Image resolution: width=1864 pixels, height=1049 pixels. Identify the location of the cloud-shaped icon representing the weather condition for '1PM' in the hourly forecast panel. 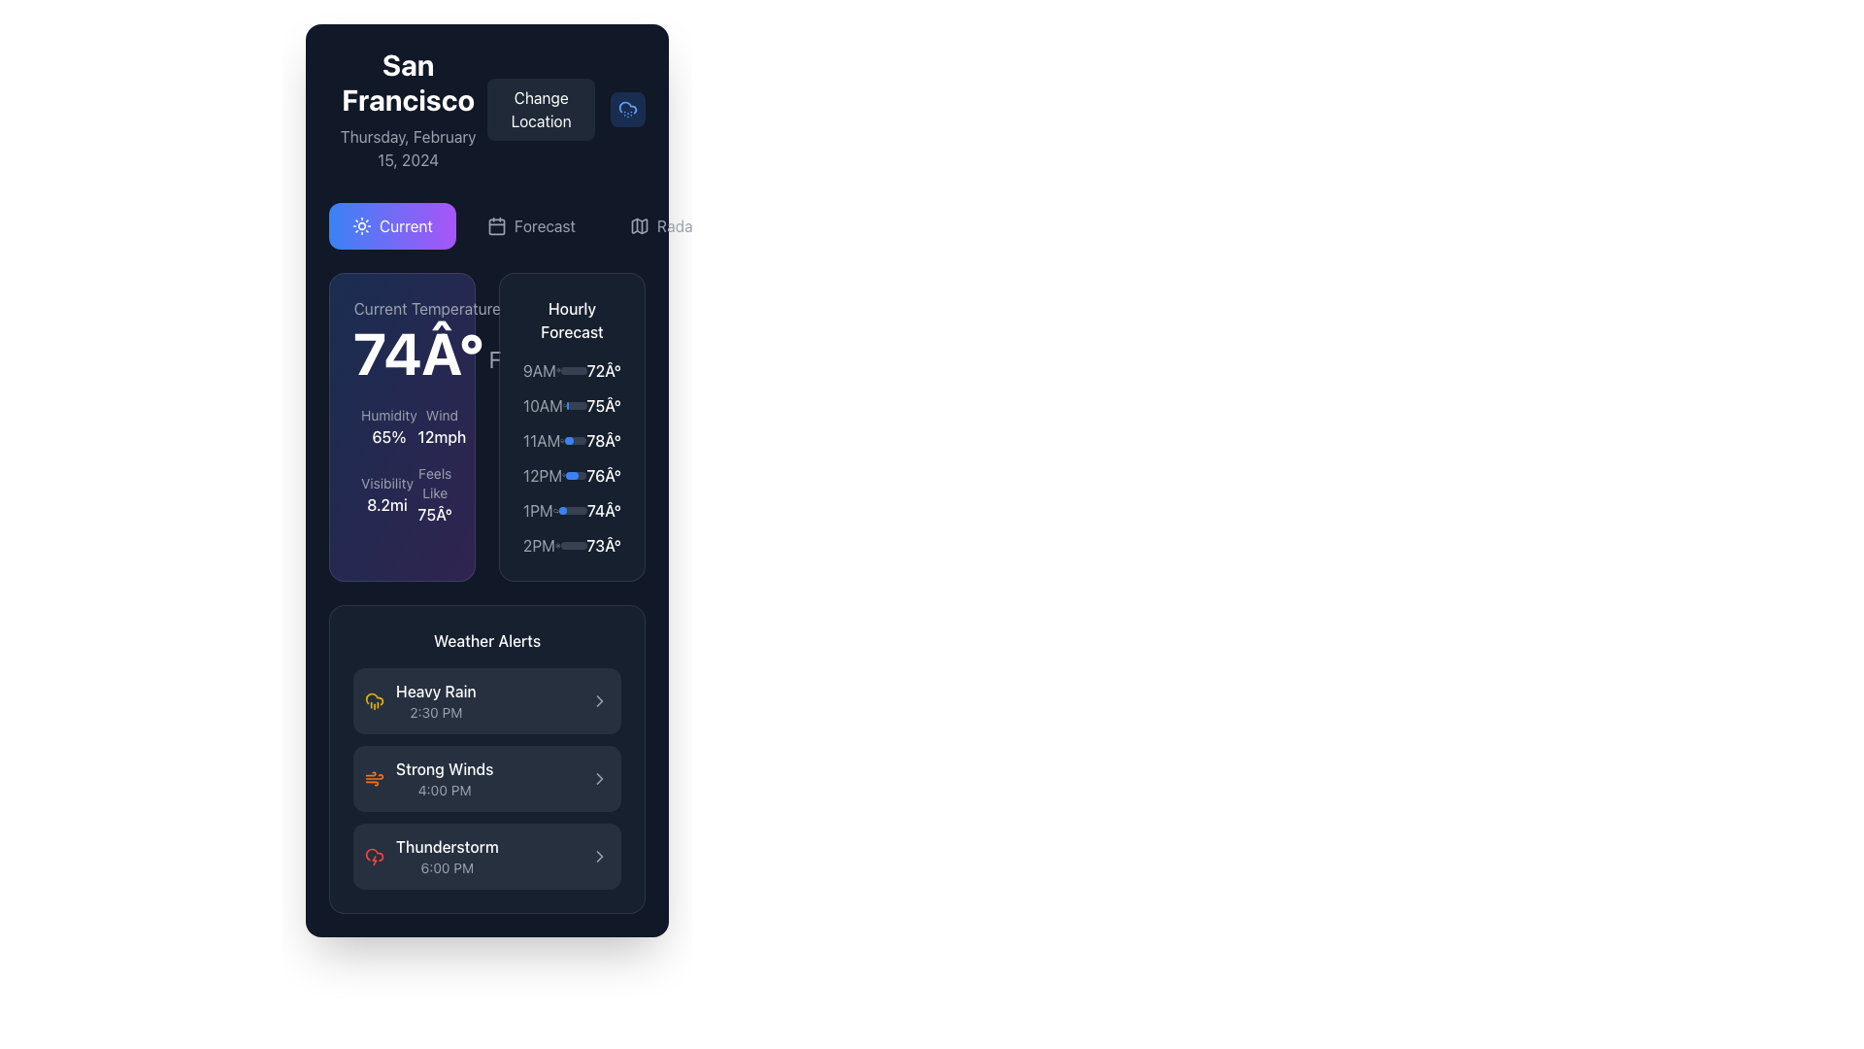
(554, 509).